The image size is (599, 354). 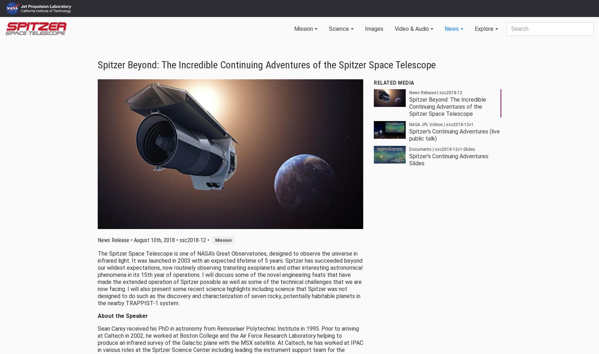 What do you see at coordinates (154, 240) in the screenshot?
I see `'News Release
•
 August 10th, 2018
•
ssc2018-12
•'` at bounding box center [154, 240].